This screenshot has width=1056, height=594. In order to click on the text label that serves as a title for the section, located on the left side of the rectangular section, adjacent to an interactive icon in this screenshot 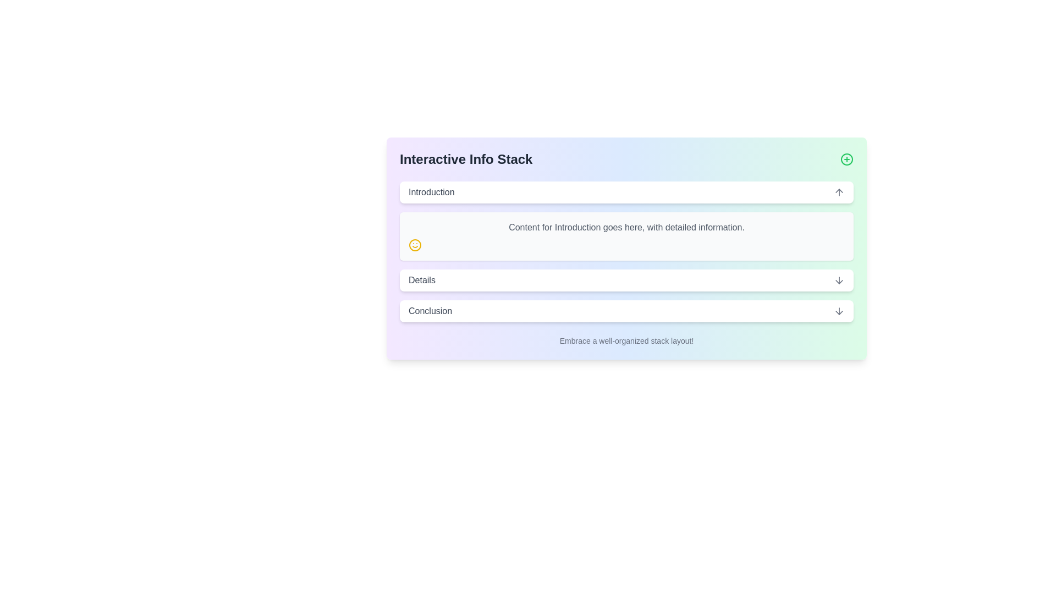, I will do `click(431, 192)`.